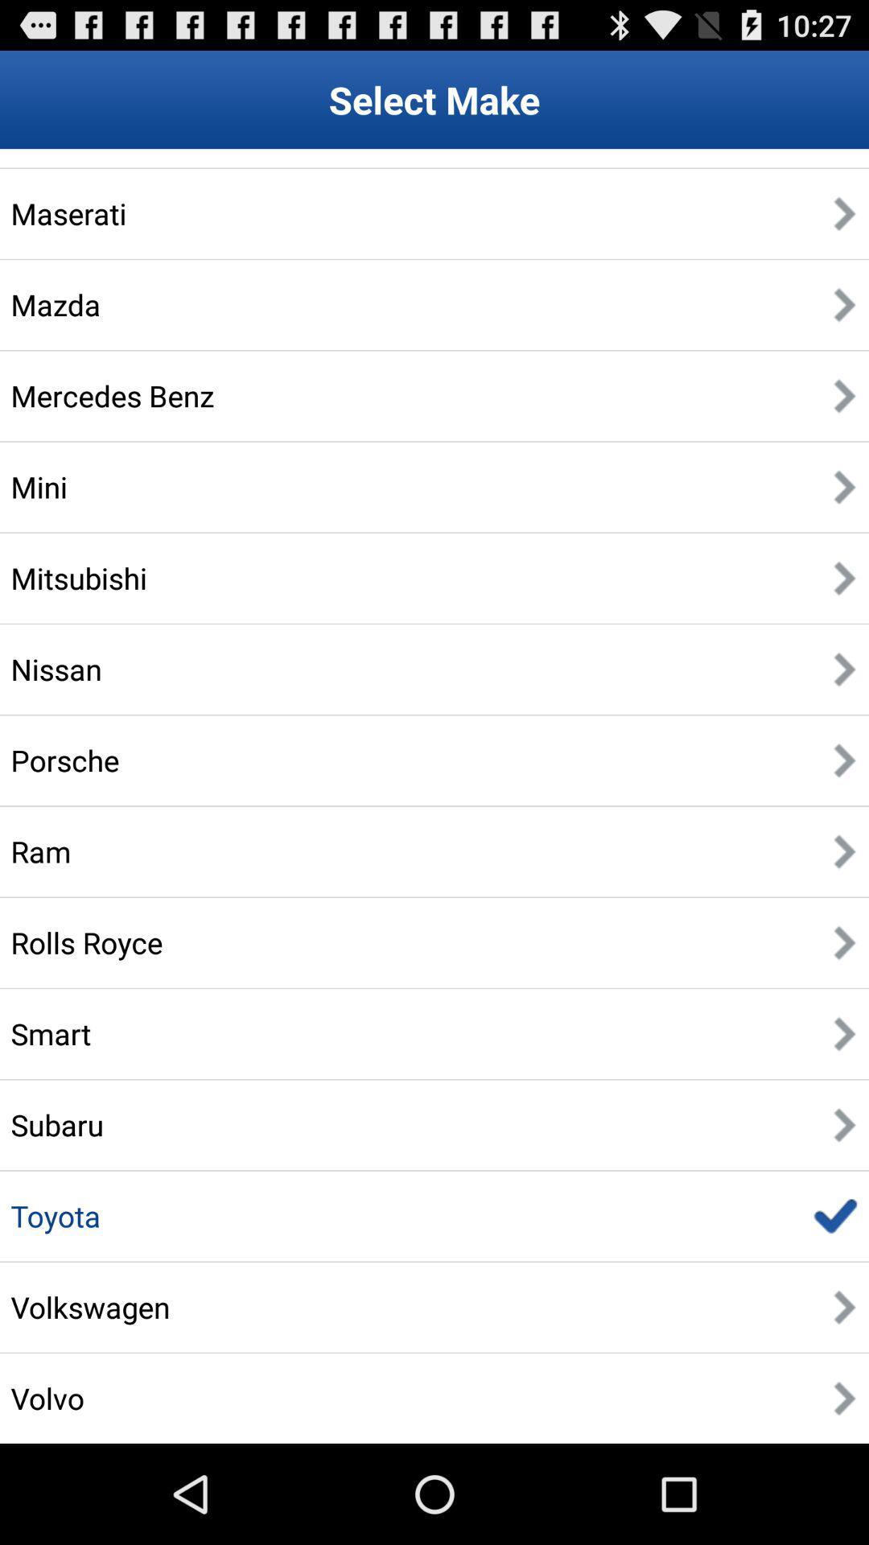  Describe the element at coordinates (38, 486) in the screenshot. I see `the item below mercedes benz icon` at that location.